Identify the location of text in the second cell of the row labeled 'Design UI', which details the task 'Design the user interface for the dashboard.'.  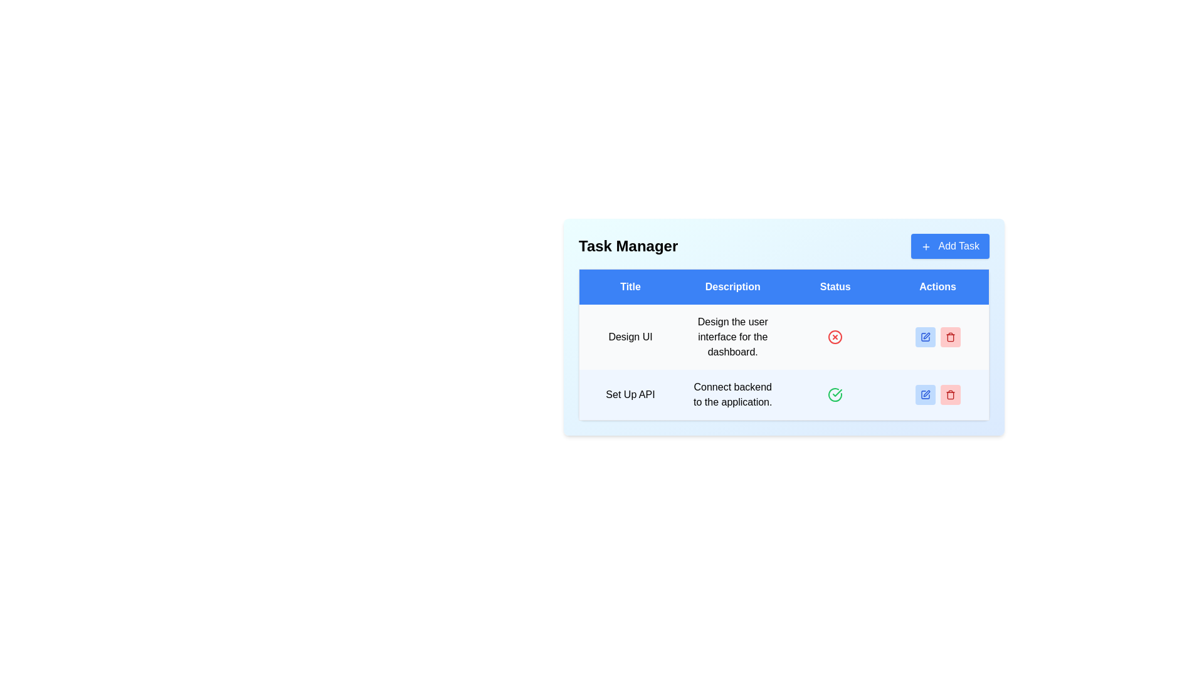
(732, 336).